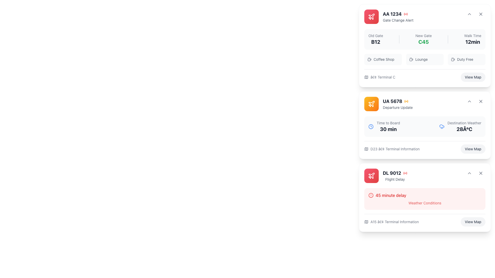 The width and height of the screenshot is (495, 278). What do you see at coordinates (460, 127) in the screenshot?
I see `the informational text displaying weather information for the flight destination, which shows current conditions (rain) and temperature (28°C), located below 'Time to Board 30 min' and next to the weather icon in the 'UA 5678 Departure Update' section` at bounding box center [460, 127].